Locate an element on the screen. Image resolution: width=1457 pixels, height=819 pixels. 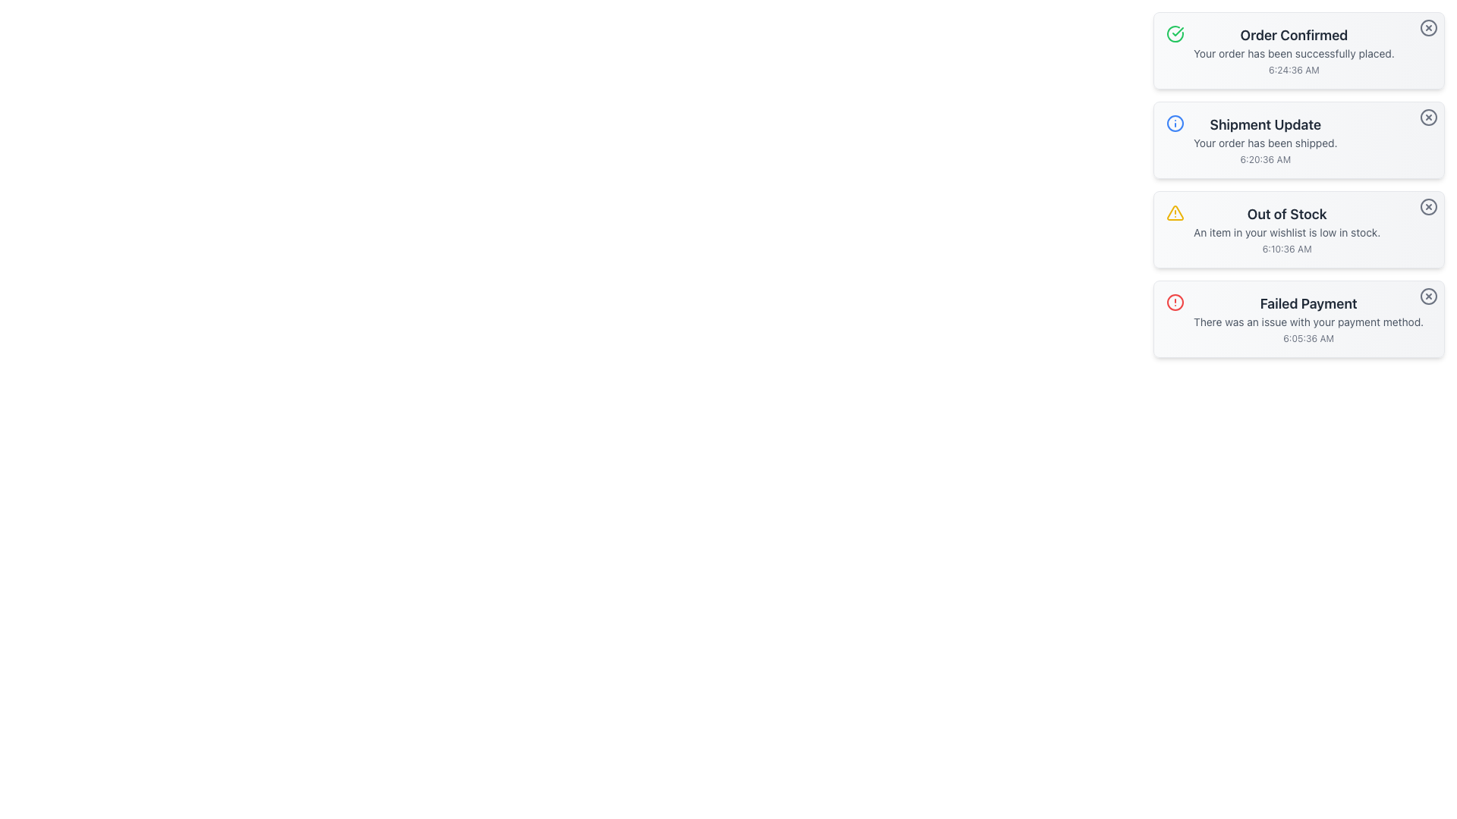
the fourth notification in the list of alerts regarding an unsuccessful payment, located directly below the 'Out of Stock' notification is located at coordinates (1307, 318).